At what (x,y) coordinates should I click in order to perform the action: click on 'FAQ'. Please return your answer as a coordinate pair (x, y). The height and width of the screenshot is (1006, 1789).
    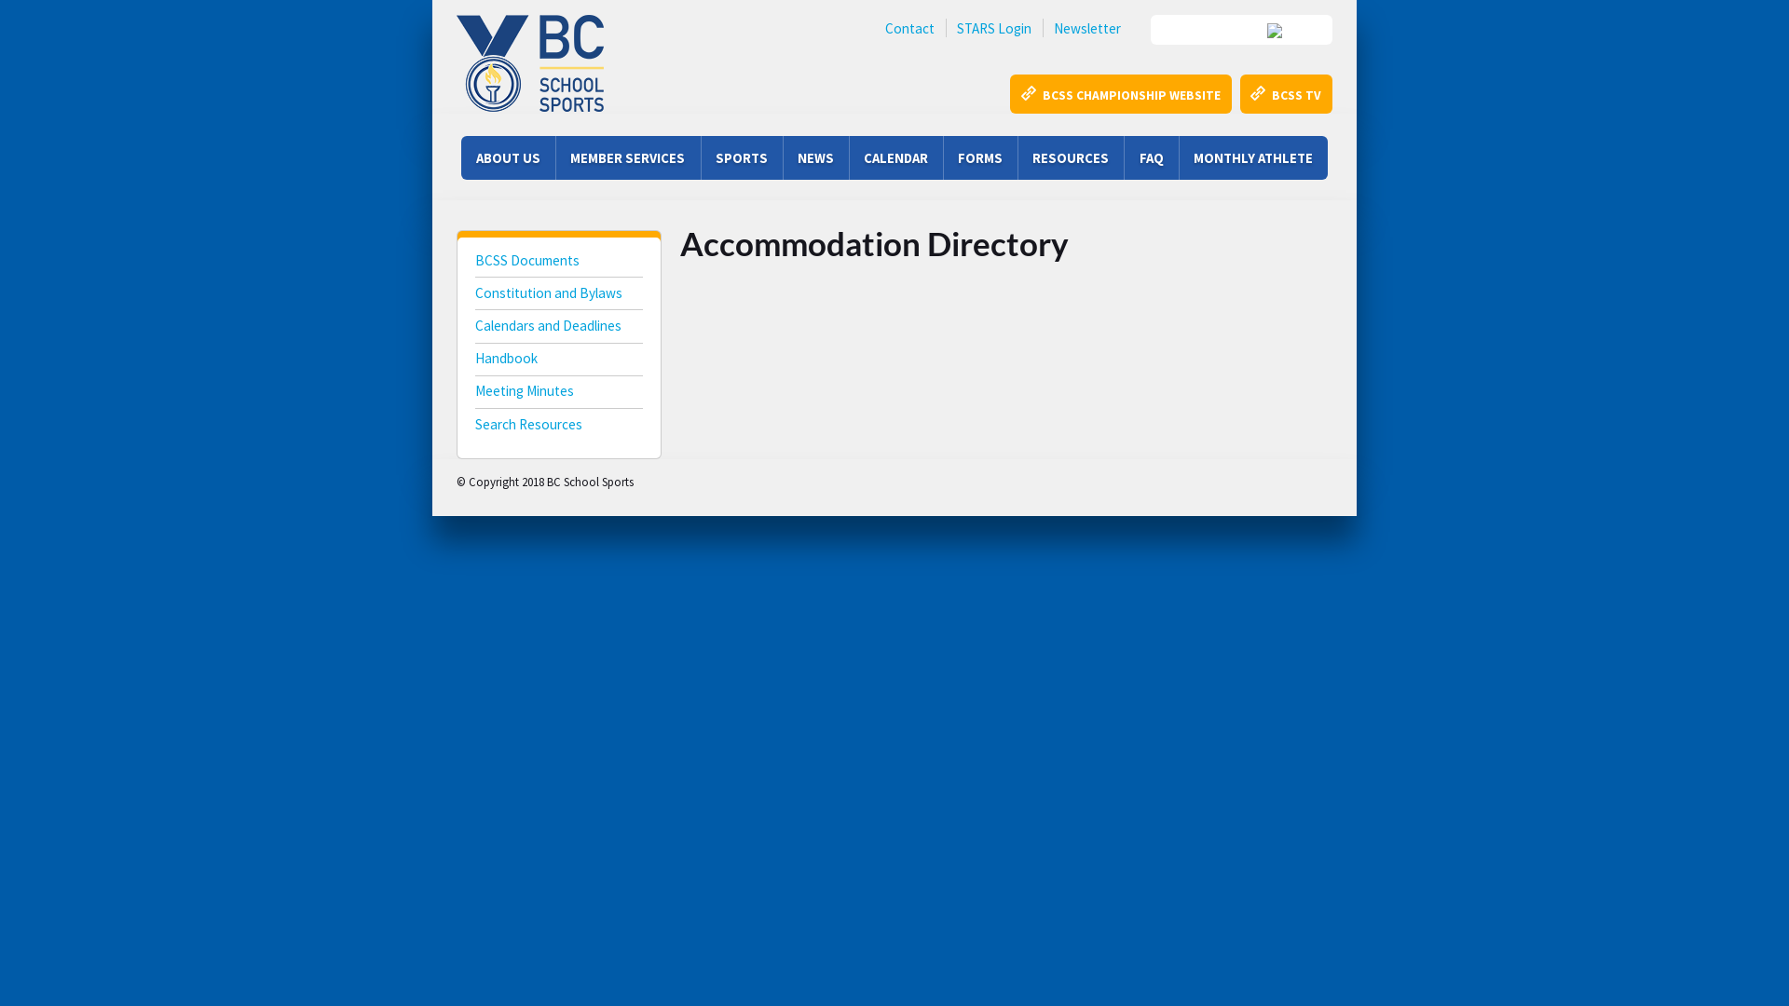
    Looking at the image, I should click on (1149, 156).